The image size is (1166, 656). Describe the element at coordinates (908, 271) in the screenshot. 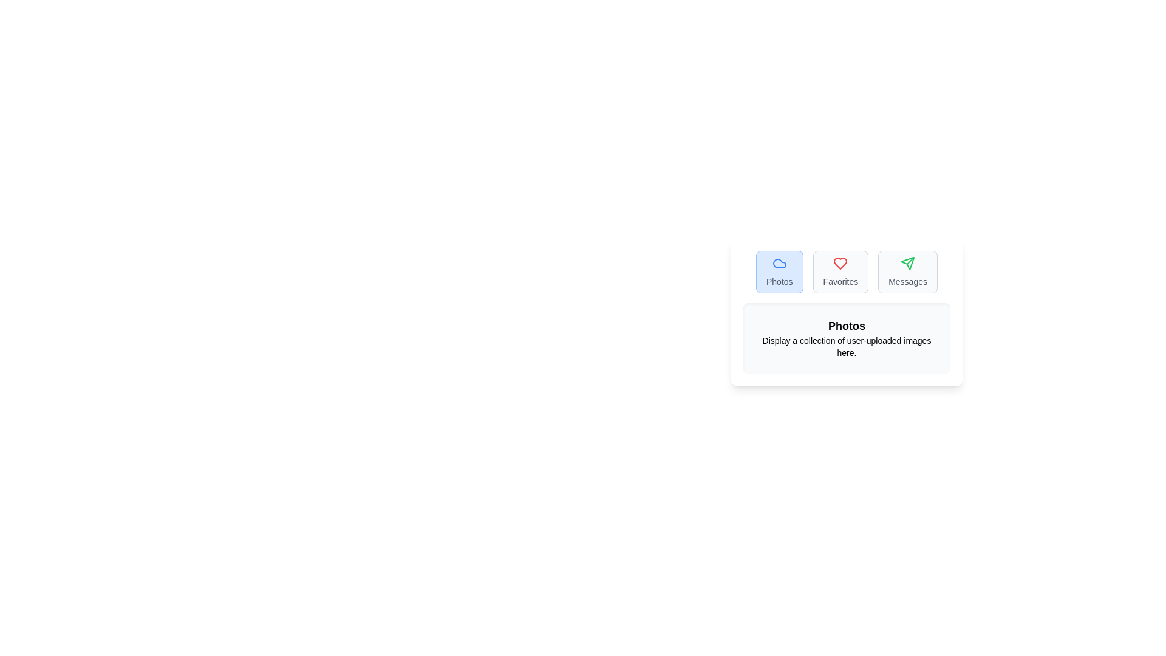

I see `the 'Messages' button, which is styled with a gray background and has a green send icon above the label 'Messages'` at that location.